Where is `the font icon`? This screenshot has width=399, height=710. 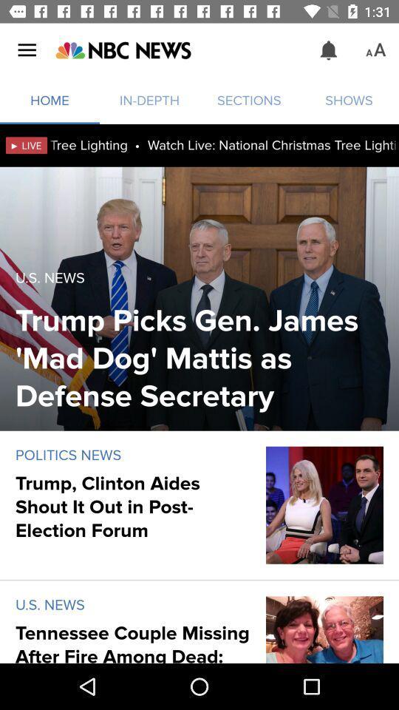 the font icon is located at coordinates (375, 50).